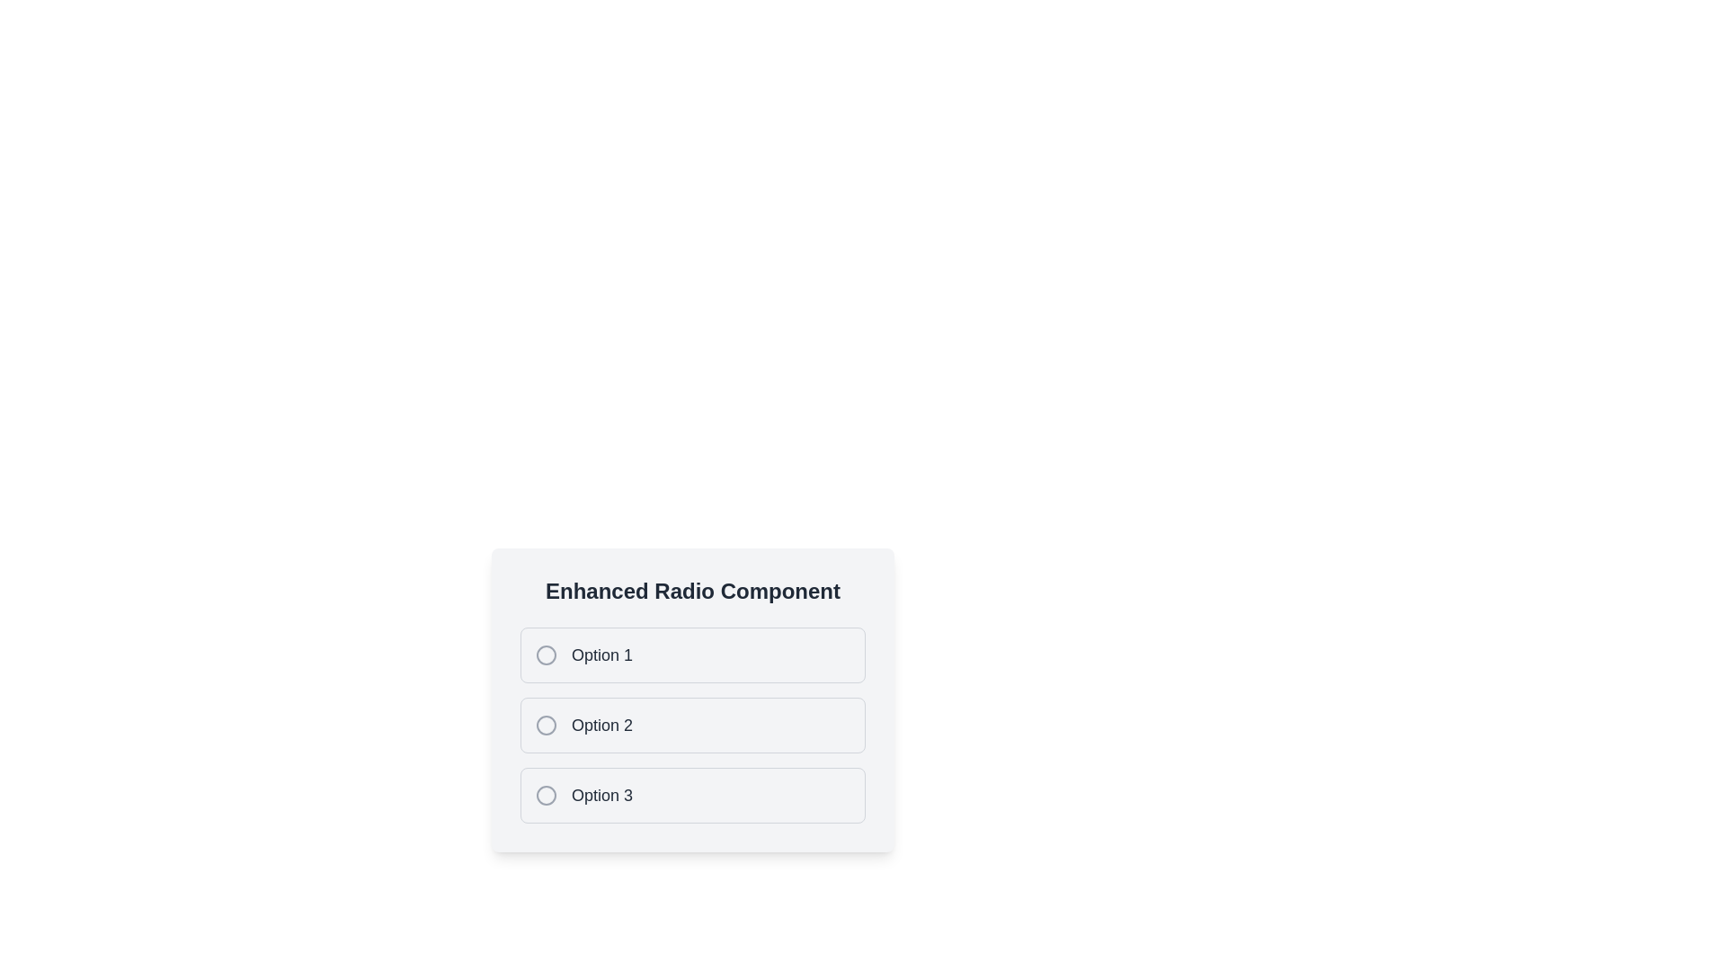 Image resolution: width=1726 pixels, height=971 pixels. Describe the element at coordinates (546, 655) in the screenshot. I see `the radio button graphic` at that location.